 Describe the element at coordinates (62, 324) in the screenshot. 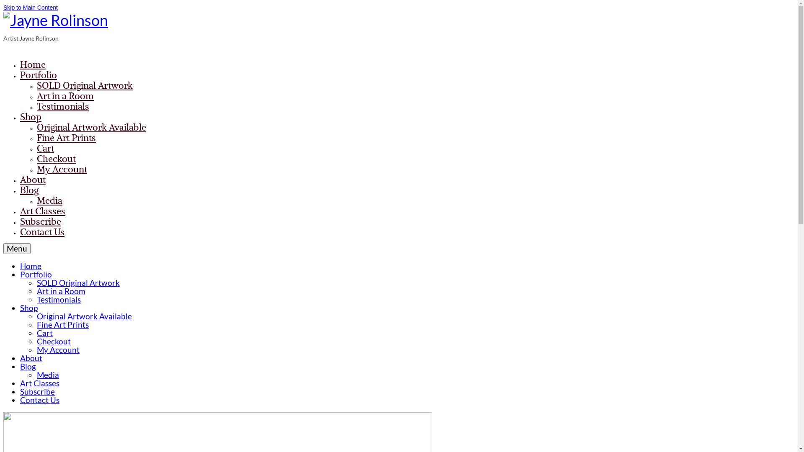

I see `'Fine Art Prints'` at that location.